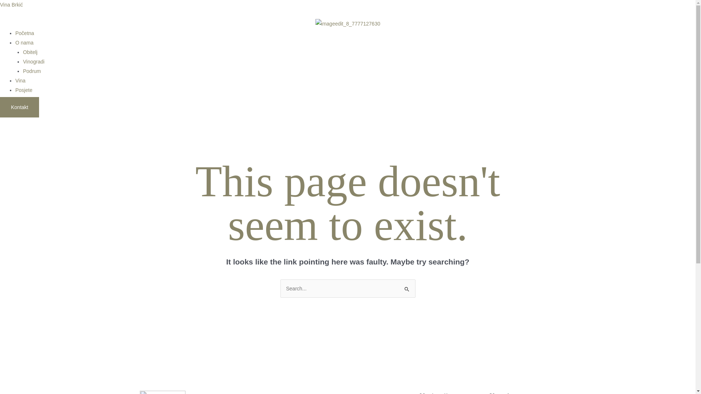 The image size is (701, 394). I want to click on 'imageedit_8_7777127630', so click(315, 23).